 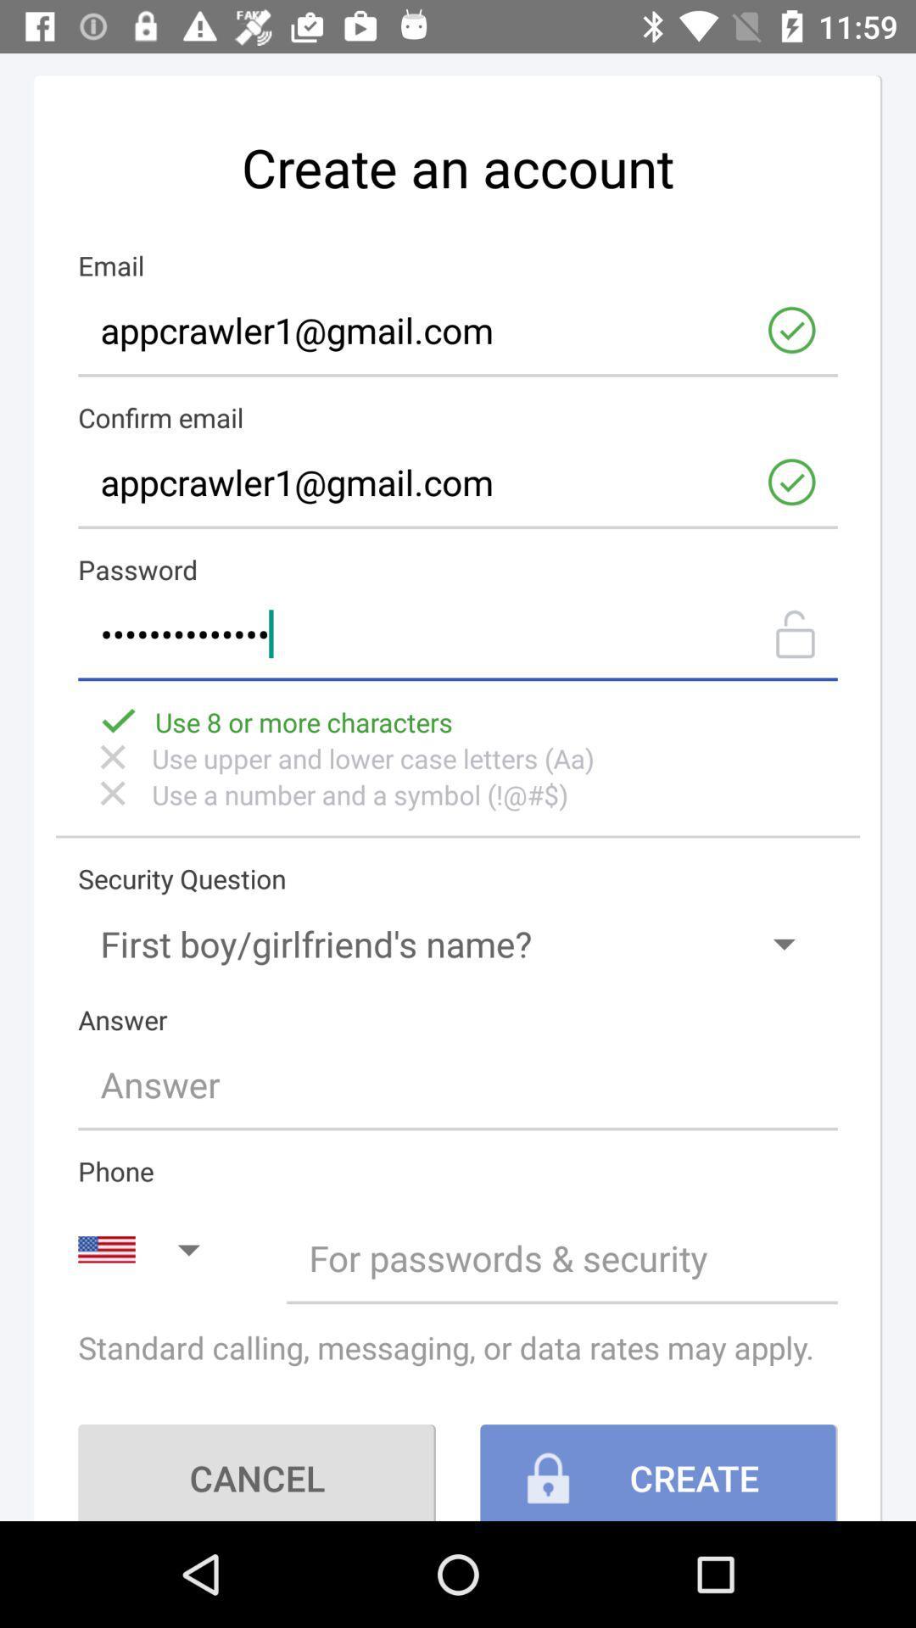 What do you see at coordinates (562, 1257) in the screenshot?
I see `setting to privacy` at bounding box center [562, 1257].